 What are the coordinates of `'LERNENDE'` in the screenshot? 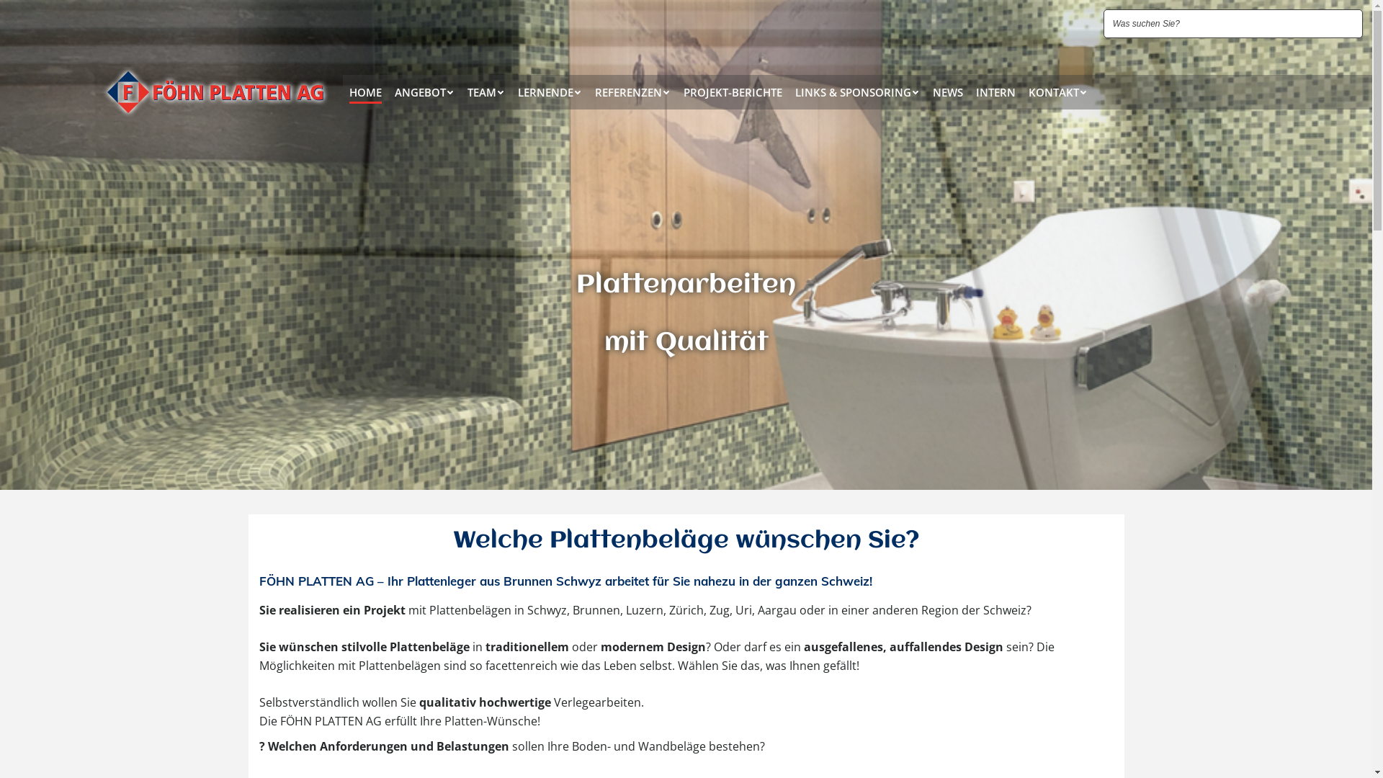 It's located at (549, 92).